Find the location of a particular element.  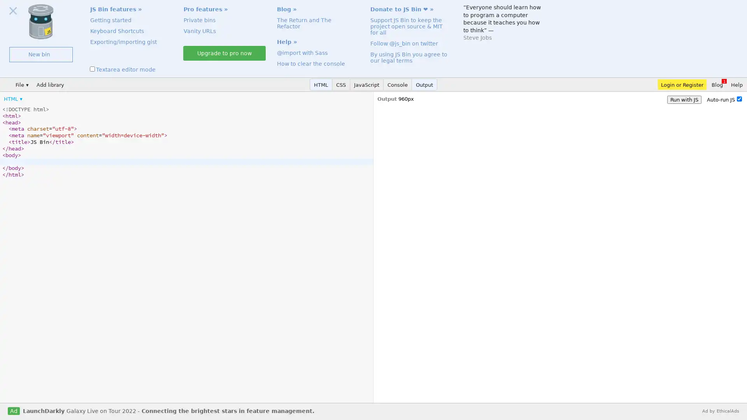

HTML Panel: Active is located at coordinates (321, 84).